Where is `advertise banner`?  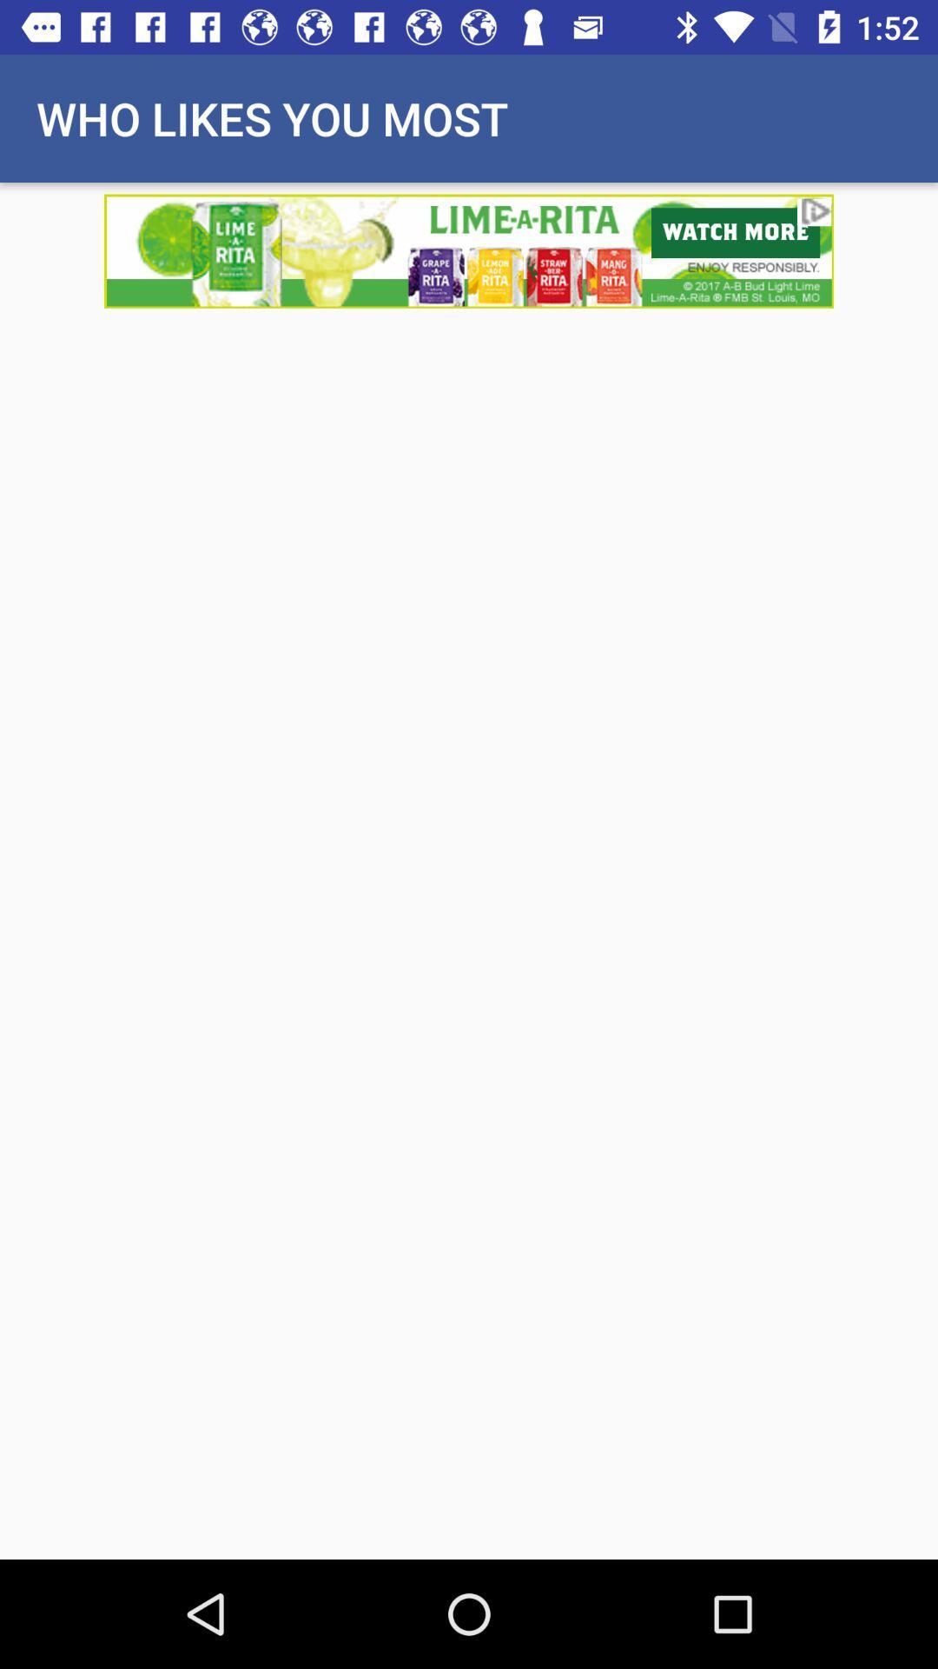 advertise banner is located at coordinates (469, 250).